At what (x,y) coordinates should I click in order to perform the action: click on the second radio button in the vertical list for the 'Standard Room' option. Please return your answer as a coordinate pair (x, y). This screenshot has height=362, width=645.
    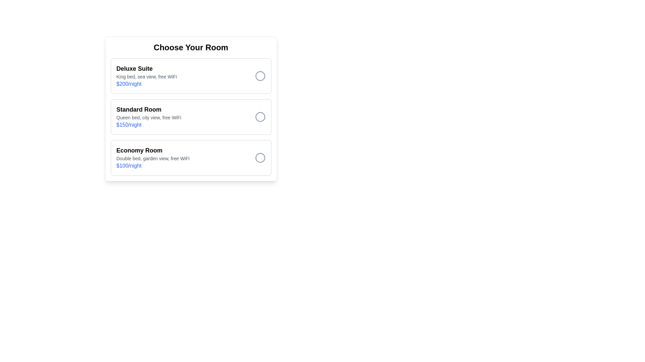
    Looking at the image, I should click on (260, 116).